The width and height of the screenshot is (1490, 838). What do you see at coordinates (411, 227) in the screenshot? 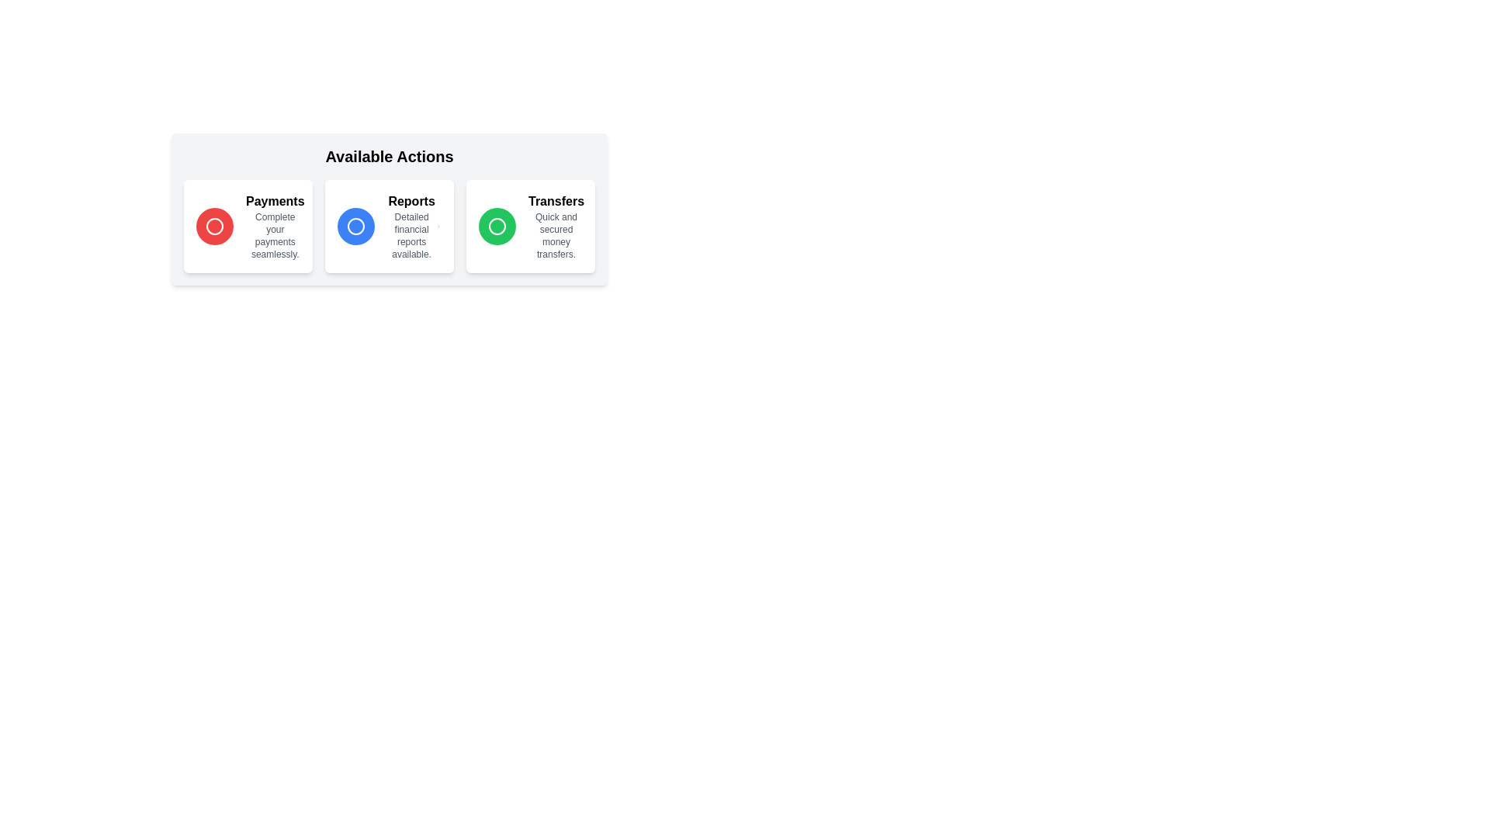
I see `text display block titled 'Reports' which shows detailed financial reports available, located in the middle card of the three under 'Available Actions'` at bounding box center [411, 227].